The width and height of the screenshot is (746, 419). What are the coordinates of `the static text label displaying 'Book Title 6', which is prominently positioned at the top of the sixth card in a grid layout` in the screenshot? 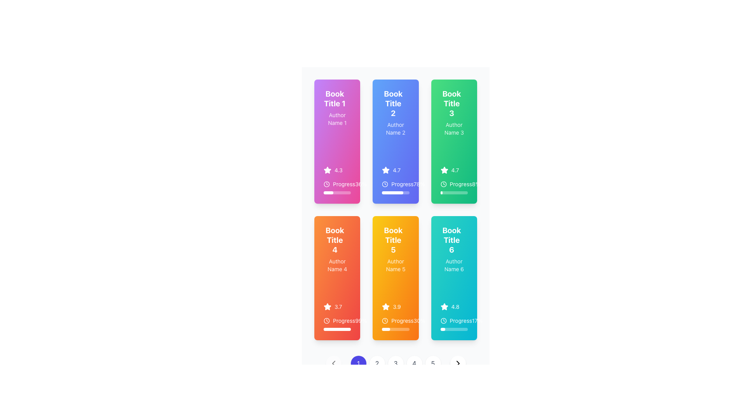 It's located at (451, 239).